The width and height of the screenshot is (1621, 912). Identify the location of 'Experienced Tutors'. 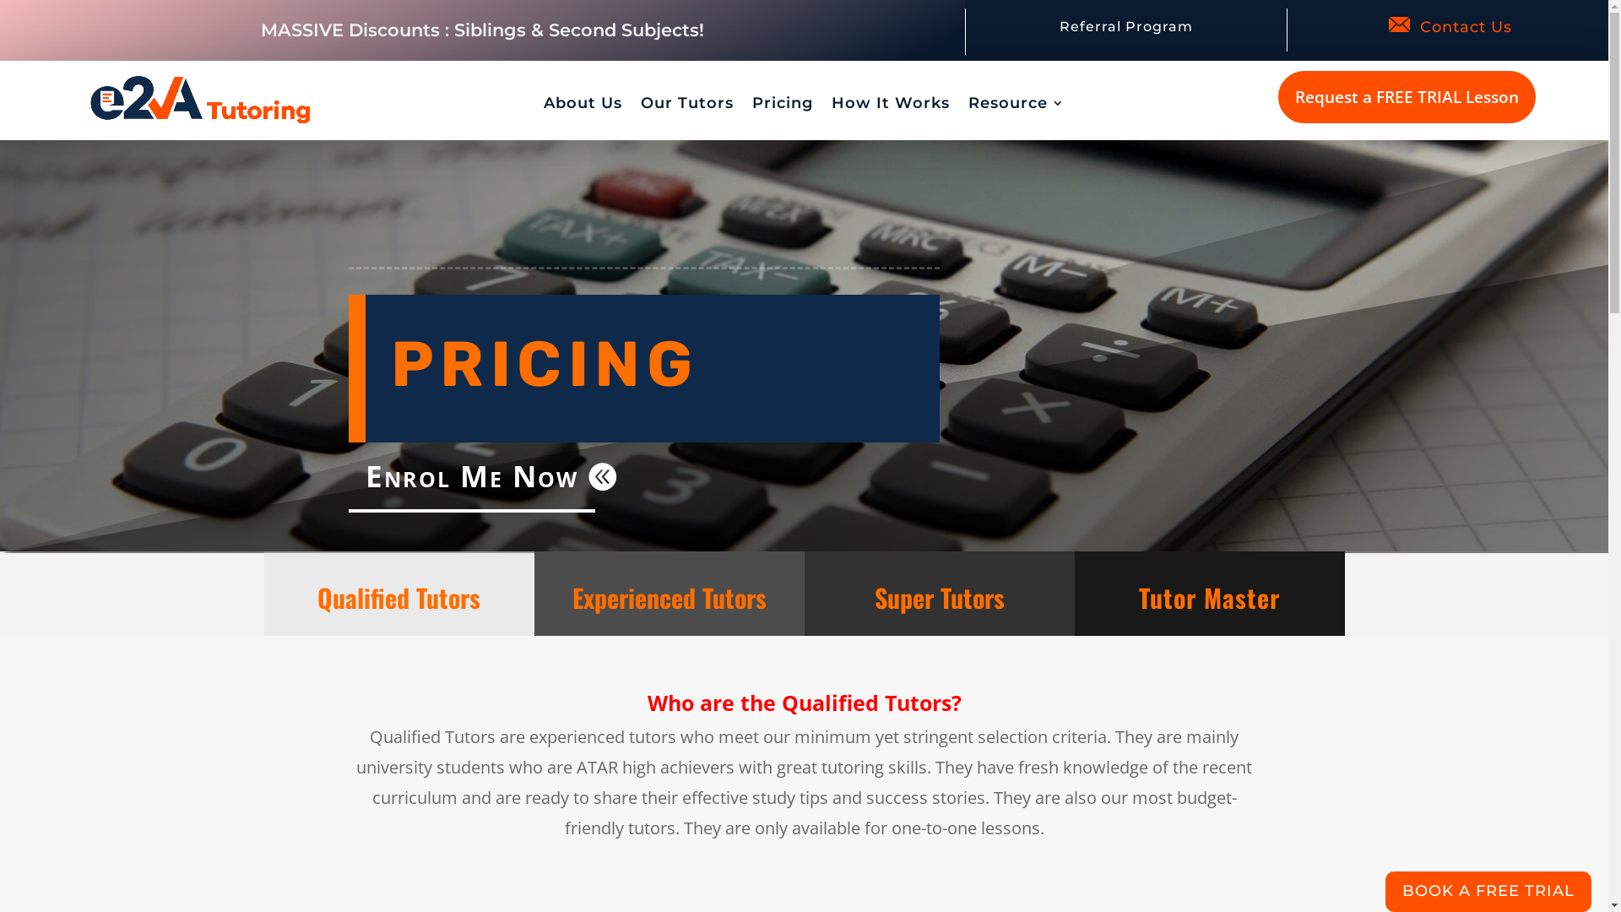
(572, 596).